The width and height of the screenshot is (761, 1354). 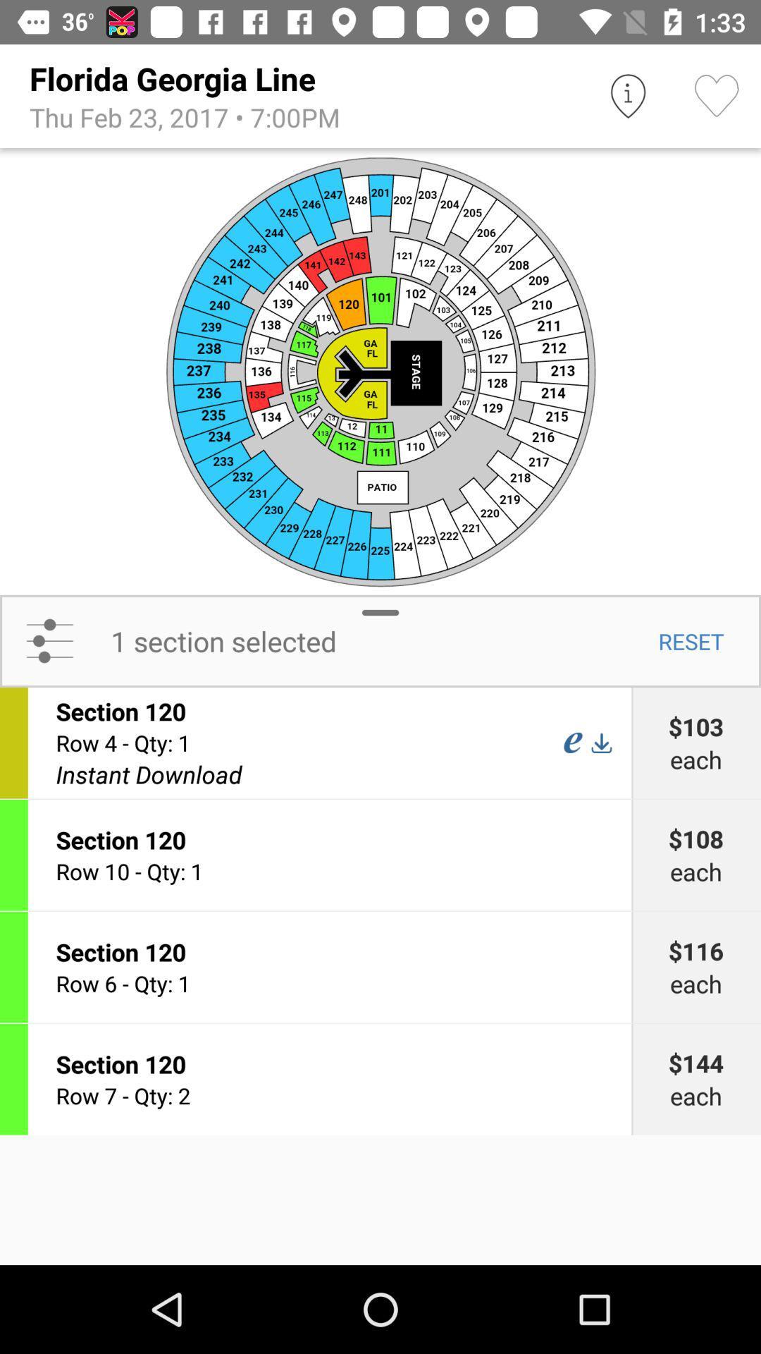 What do you see at coordinates (690, 640) in the screenshot?
I see `the item next to the 1 section selected` at bounding box center [690, 640].